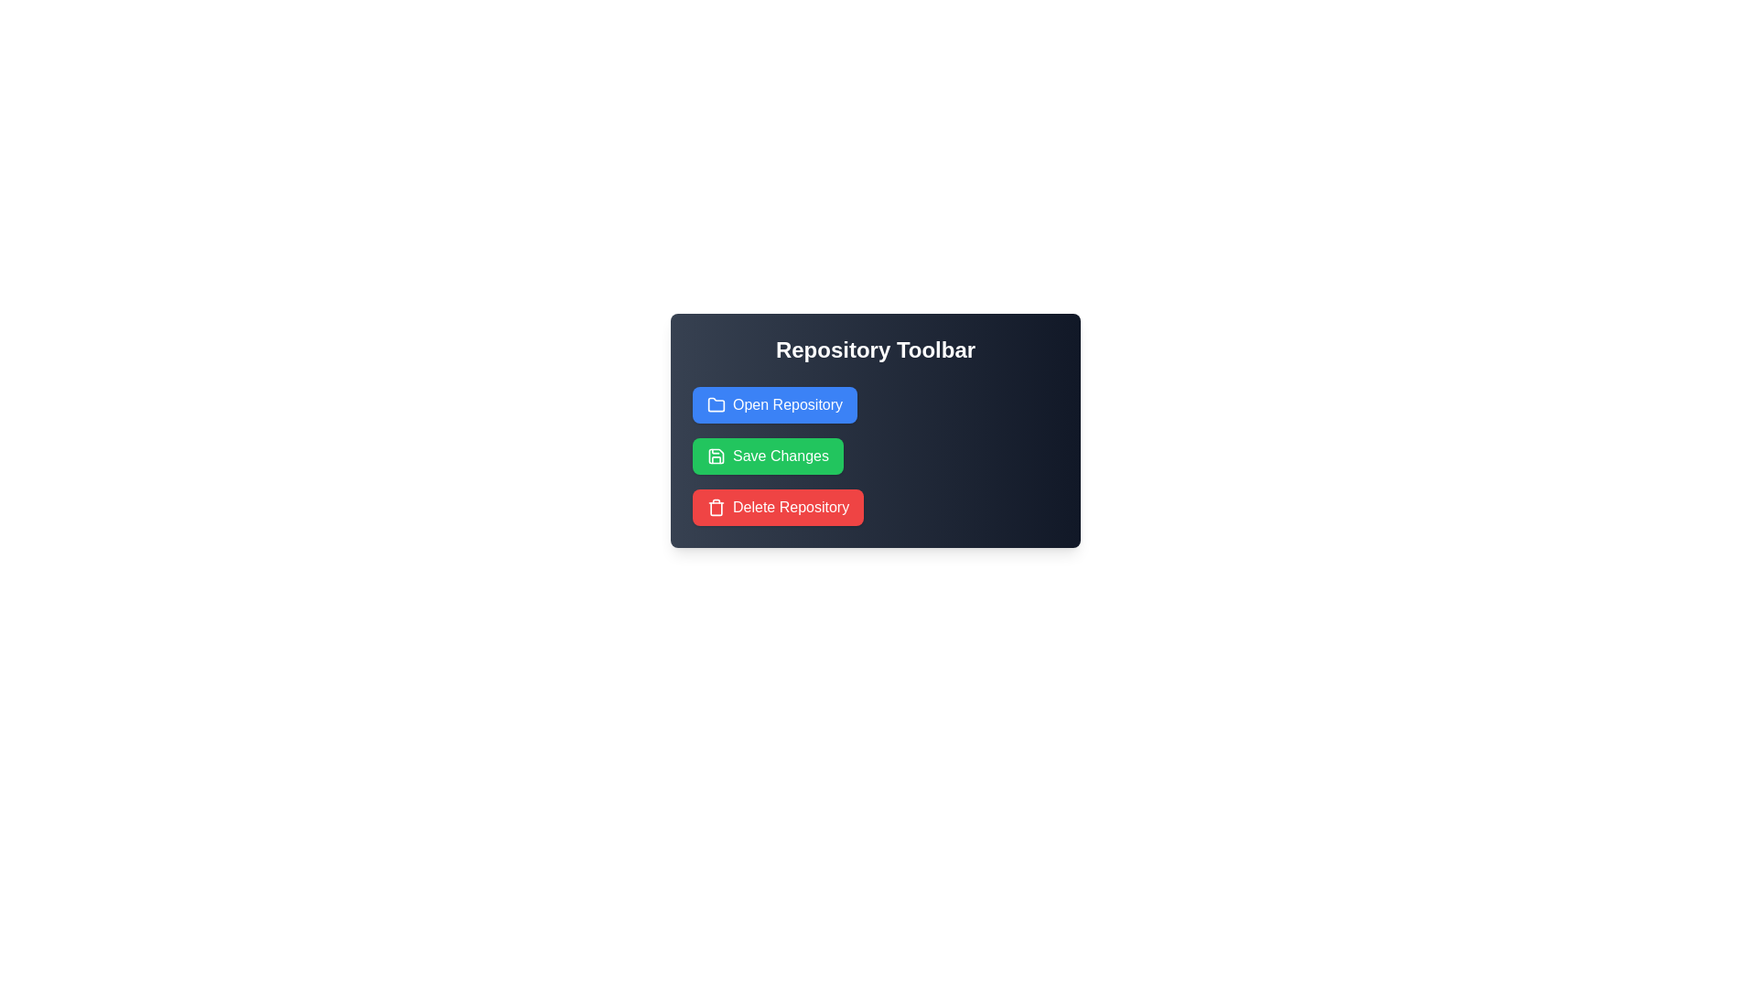  I want to click on the red trash can icon, which is part of the 'Delete Repository' button located at the bottom of the interface, so click(715, 508).